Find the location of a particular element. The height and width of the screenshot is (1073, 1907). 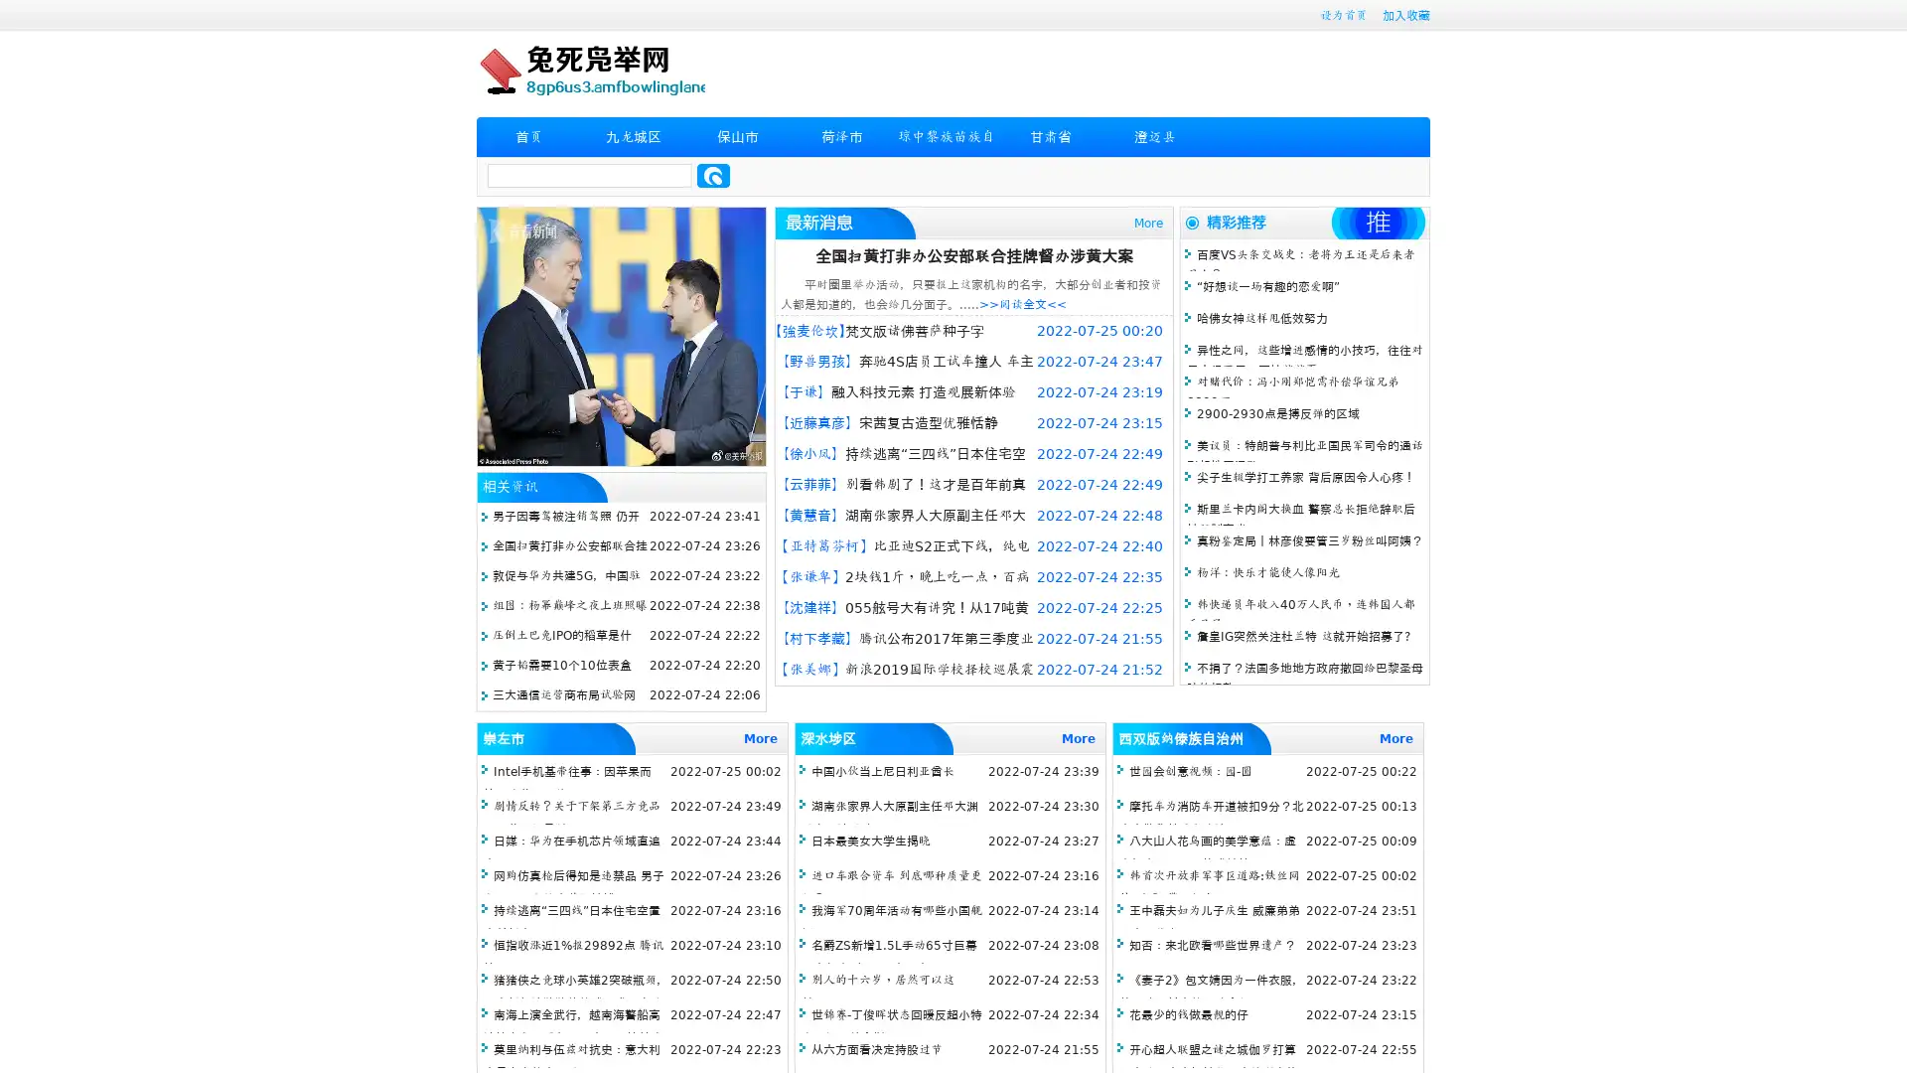

Search is located at coordinates (713, 175).